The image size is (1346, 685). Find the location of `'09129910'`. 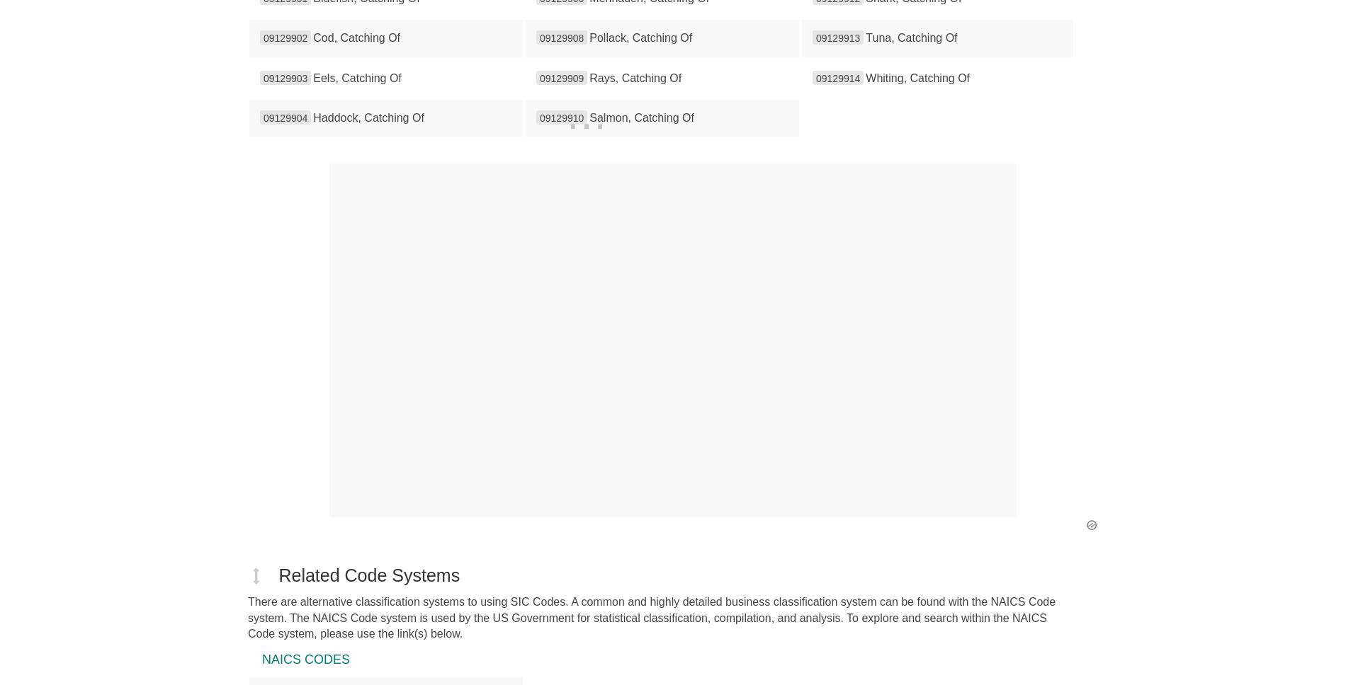

'09129910' is located at coordinates (539, 117).